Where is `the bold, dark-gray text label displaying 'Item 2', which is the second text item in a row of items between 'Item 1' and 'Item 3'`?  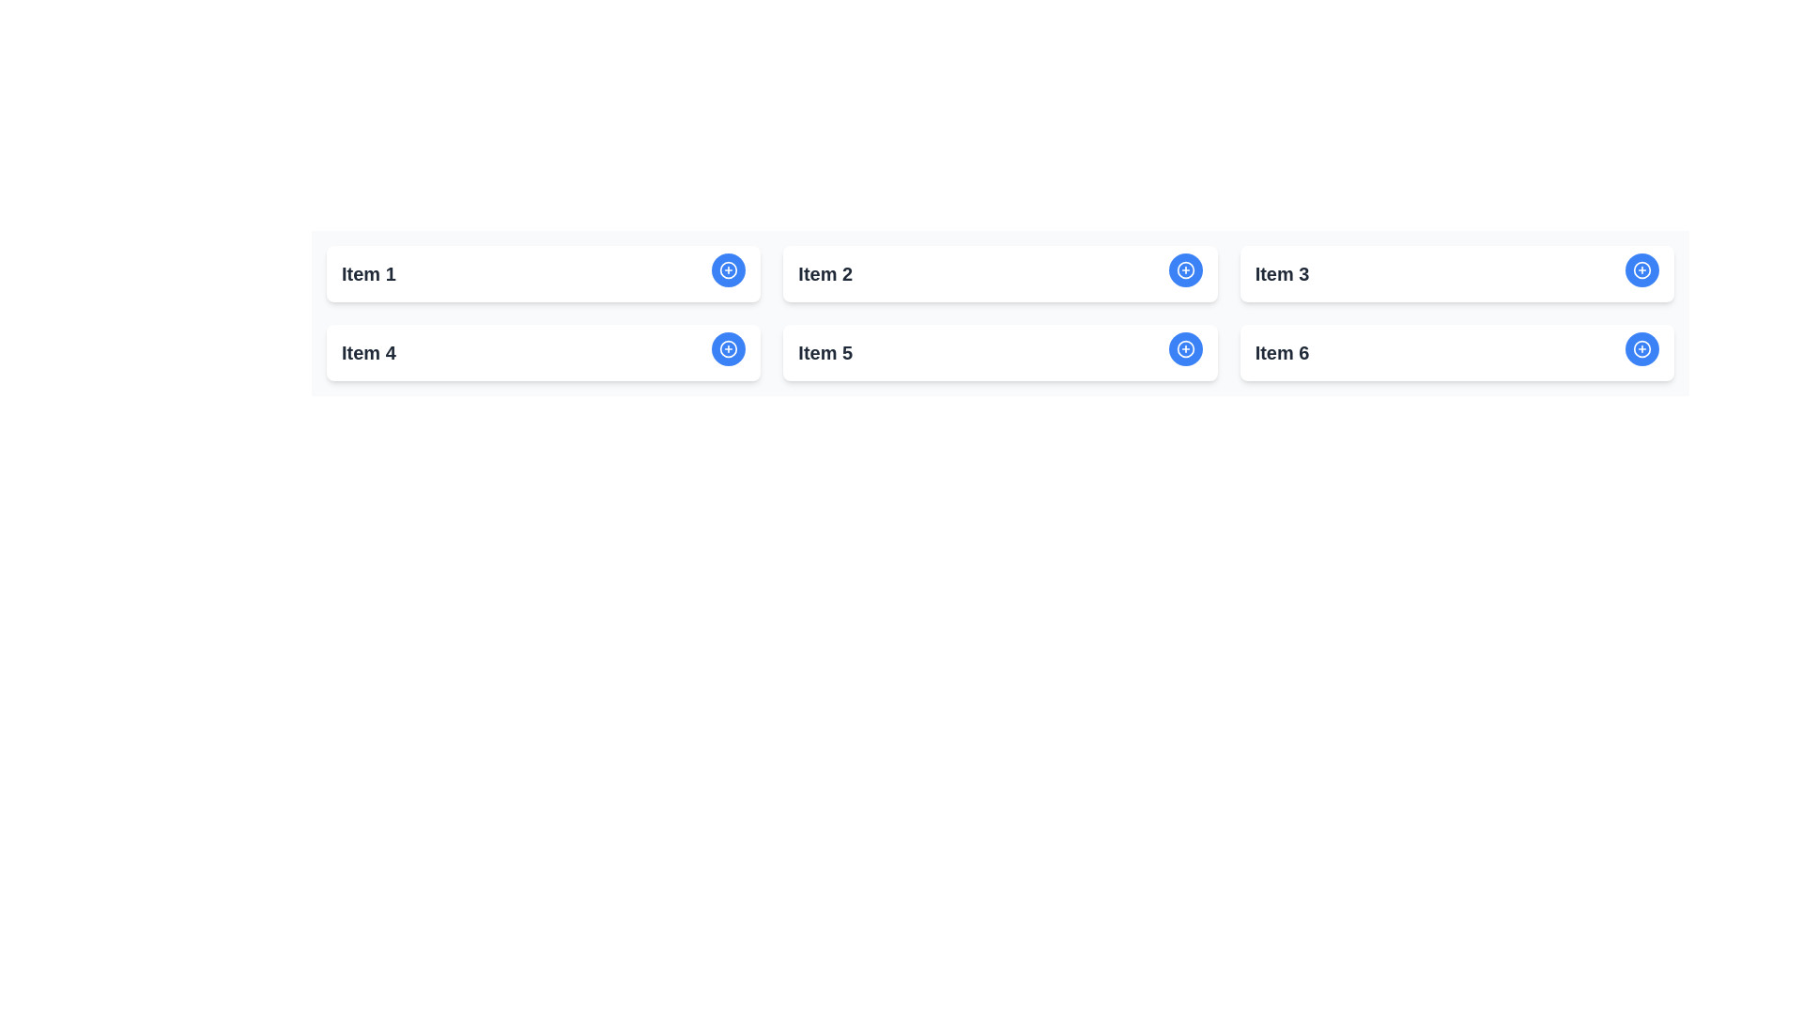
the bold, dark-gray text label displaying 'Item 2', which is the second text item in a row of items between 'Item 1' and 'Item 3' is located at coordinates (825, 274).